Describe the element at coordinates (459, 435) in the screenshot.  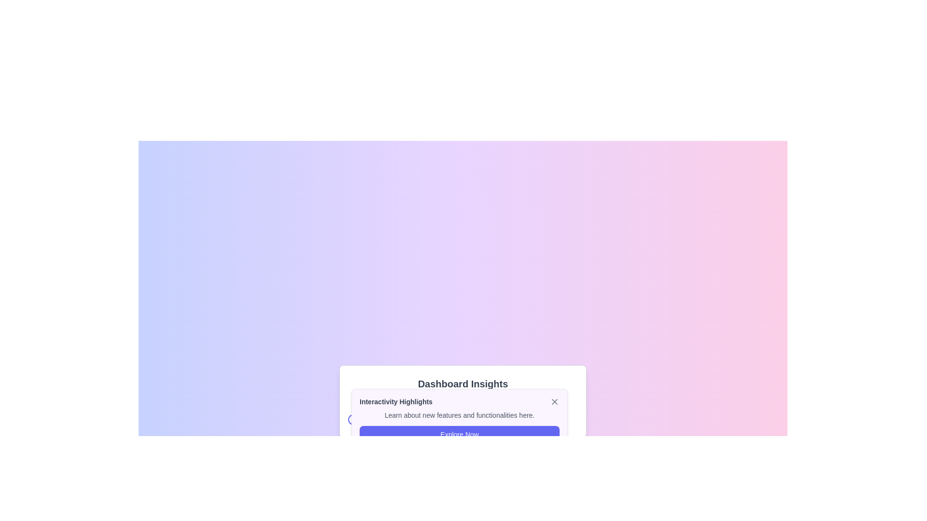
I see `the call-to-action button located at the center of the modal overlay, positioned directly beneath the text 'Learn about new features and functionalities here'` at that location.